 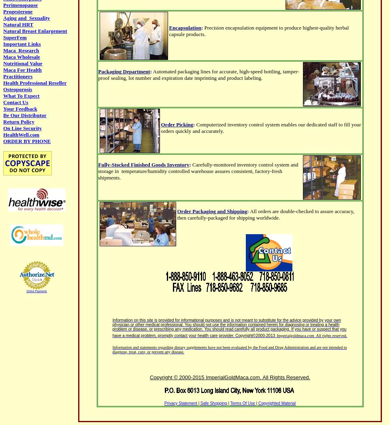 I want to click on 'ORDER BY PHONE', so click(x=27, y=141).